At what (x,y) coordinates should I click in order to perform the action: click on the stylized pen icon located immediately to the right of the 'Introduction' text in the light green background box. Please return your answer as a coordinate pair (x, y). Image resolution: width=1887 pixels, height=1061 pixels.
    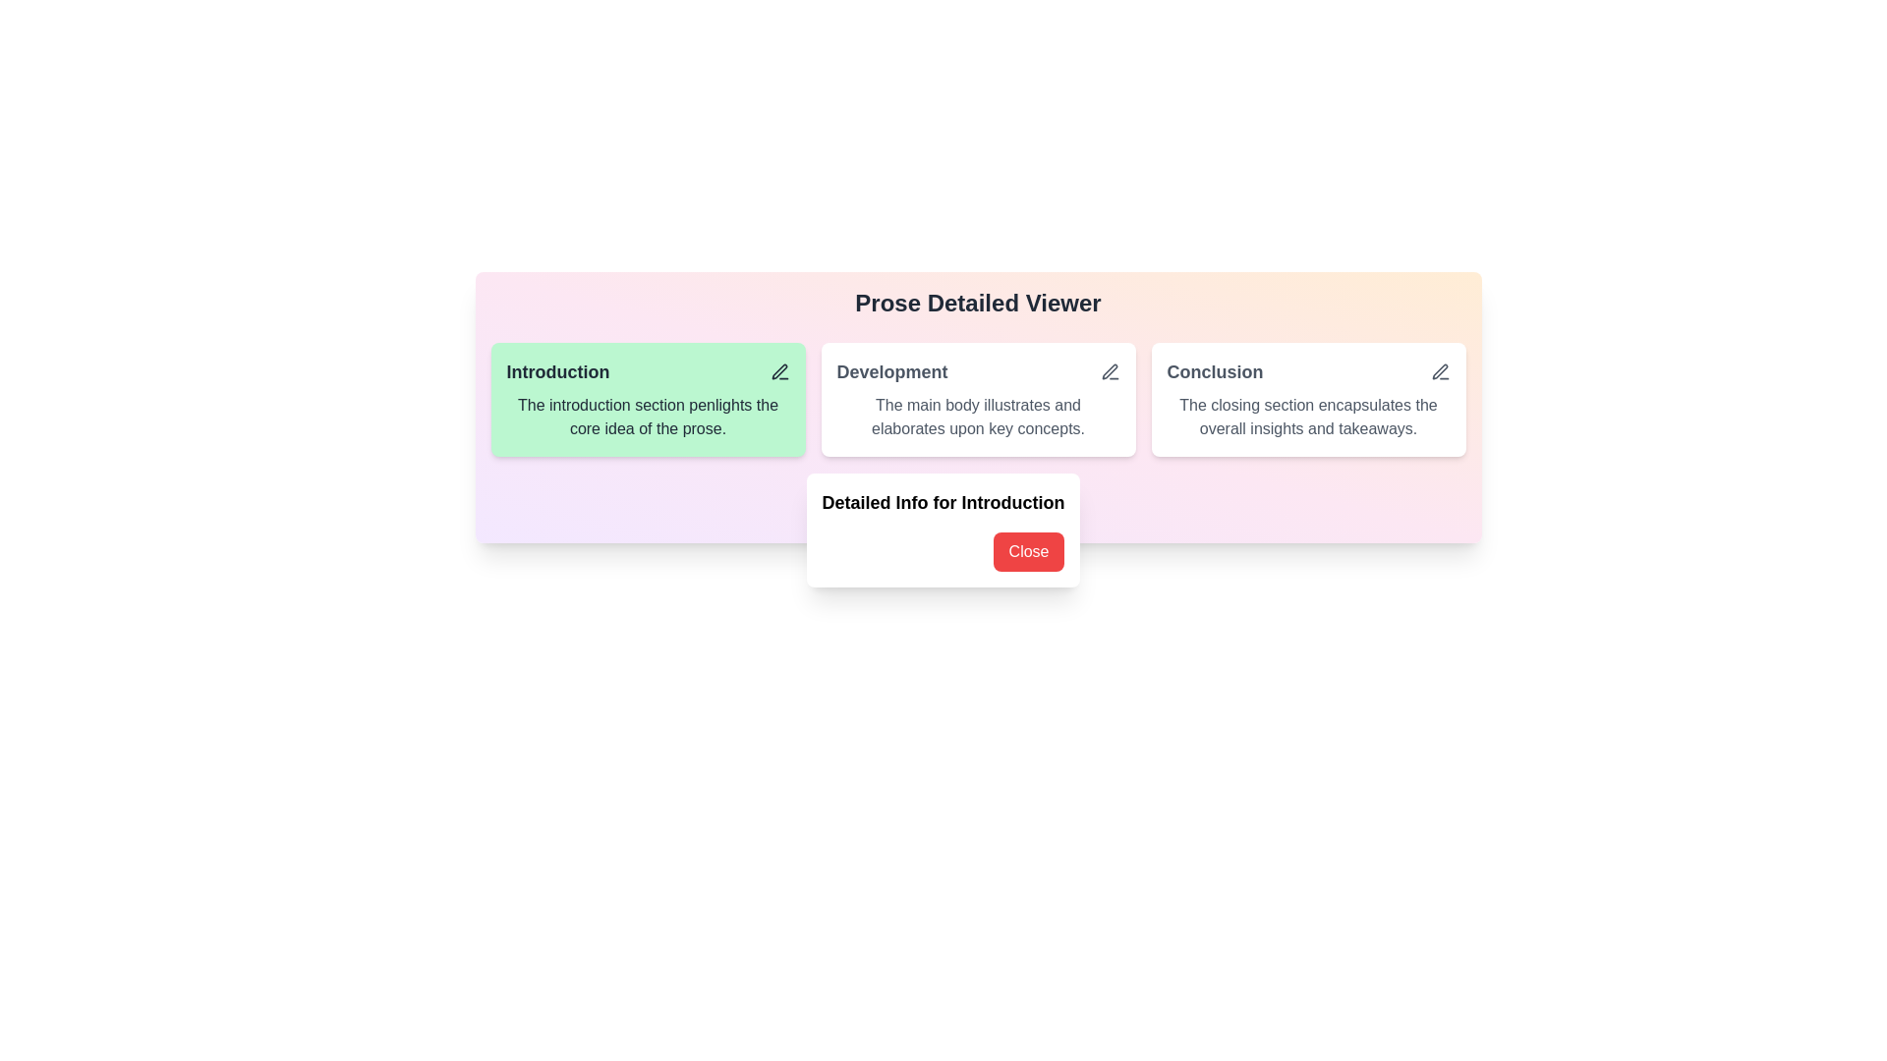
    Looking at the image, I should click on (778, 371).